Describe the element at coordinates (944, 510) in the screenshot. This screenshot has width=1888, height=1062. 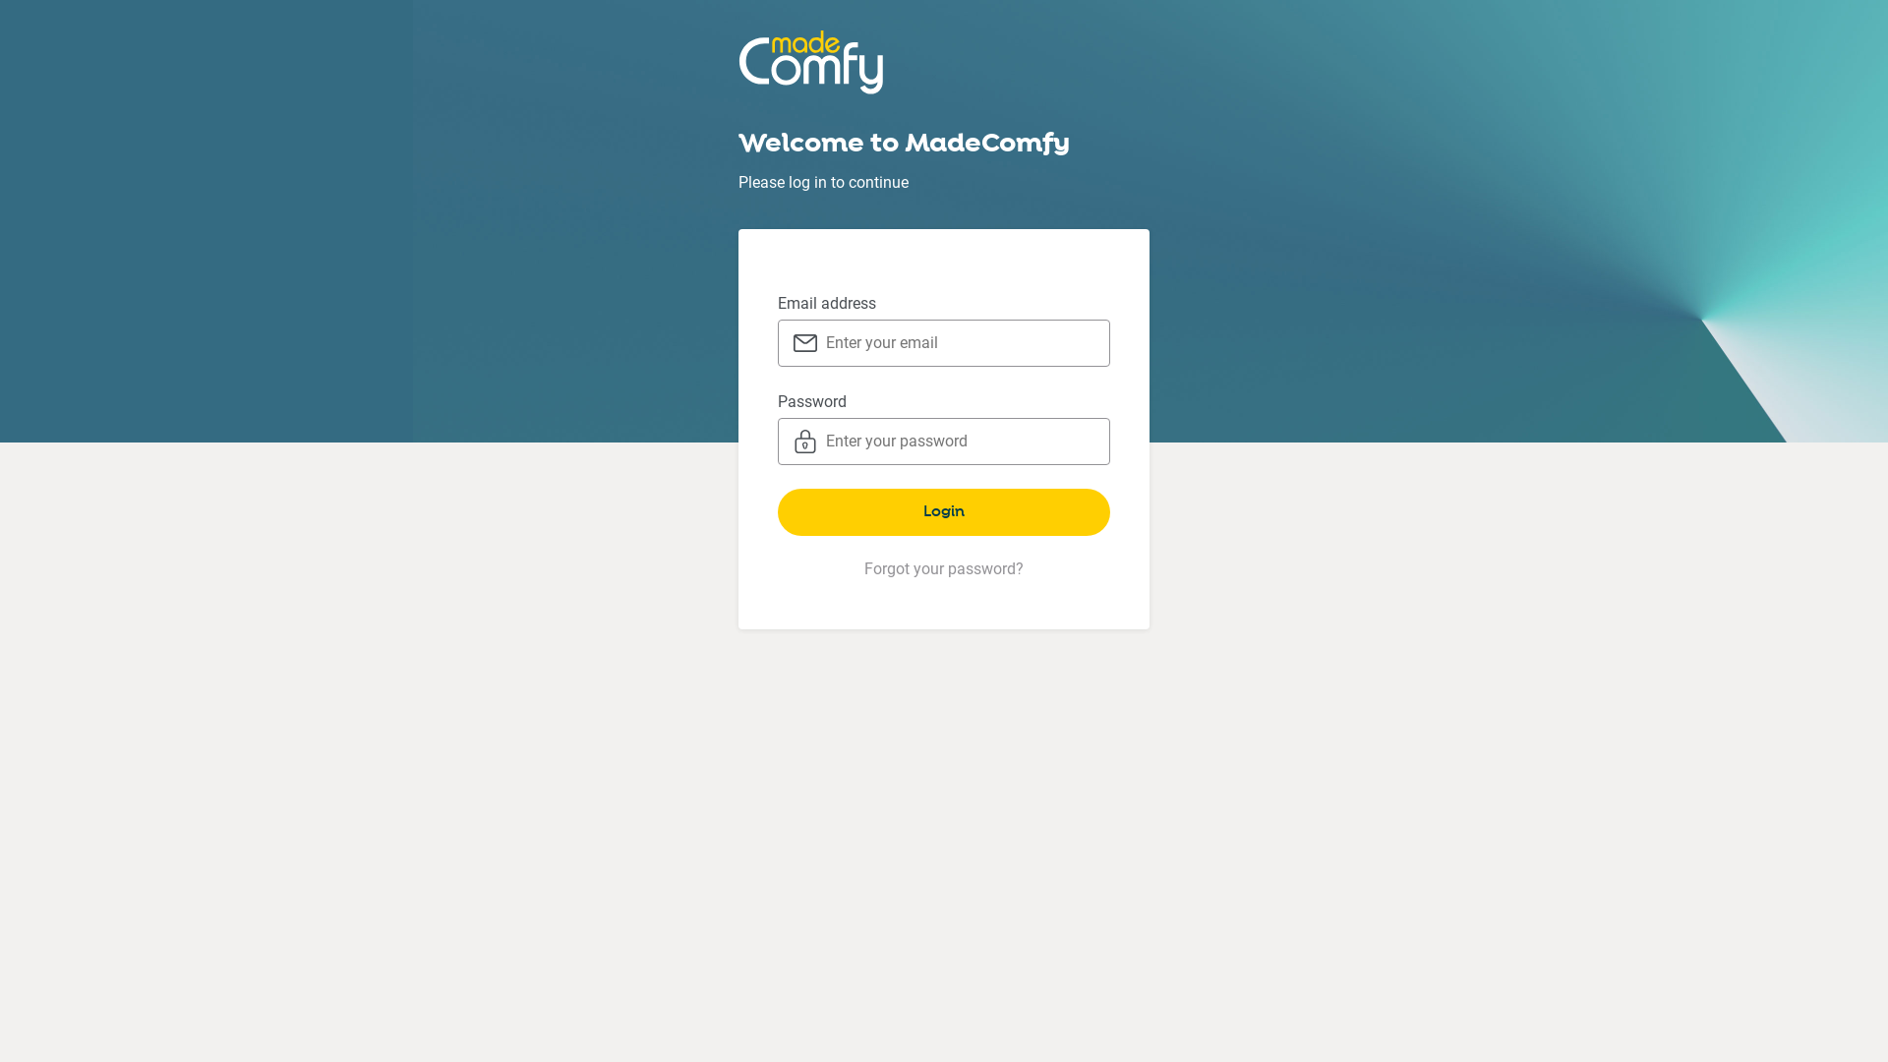
I see `'Login'` at that location.